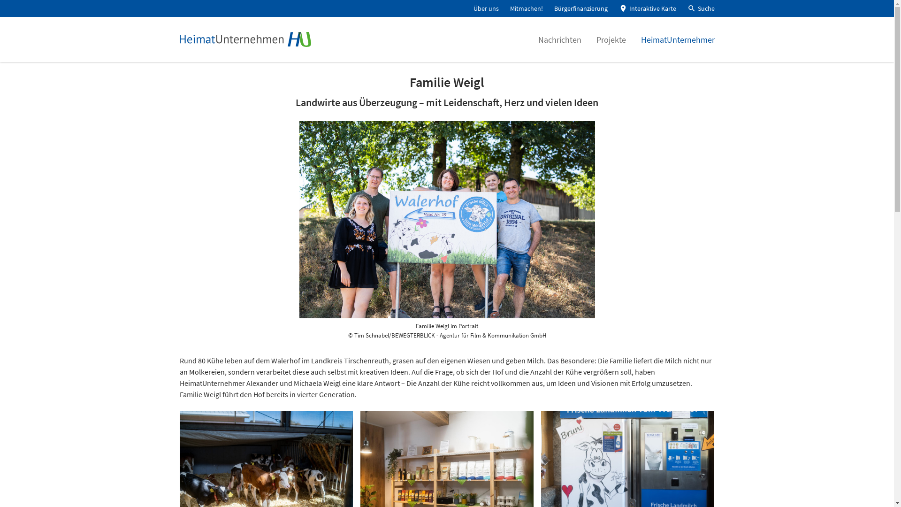  I want to click on 'Suche', so click(700, 8).